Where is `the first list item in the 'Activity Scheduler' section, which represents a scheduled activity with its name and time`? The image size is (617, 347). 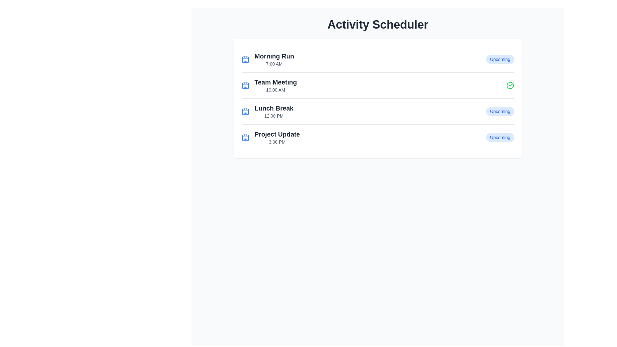
the first list item in the 'Activity Scheduler' section, which represents a scheduled activity with its name and time is located at coordinates (268, 59).